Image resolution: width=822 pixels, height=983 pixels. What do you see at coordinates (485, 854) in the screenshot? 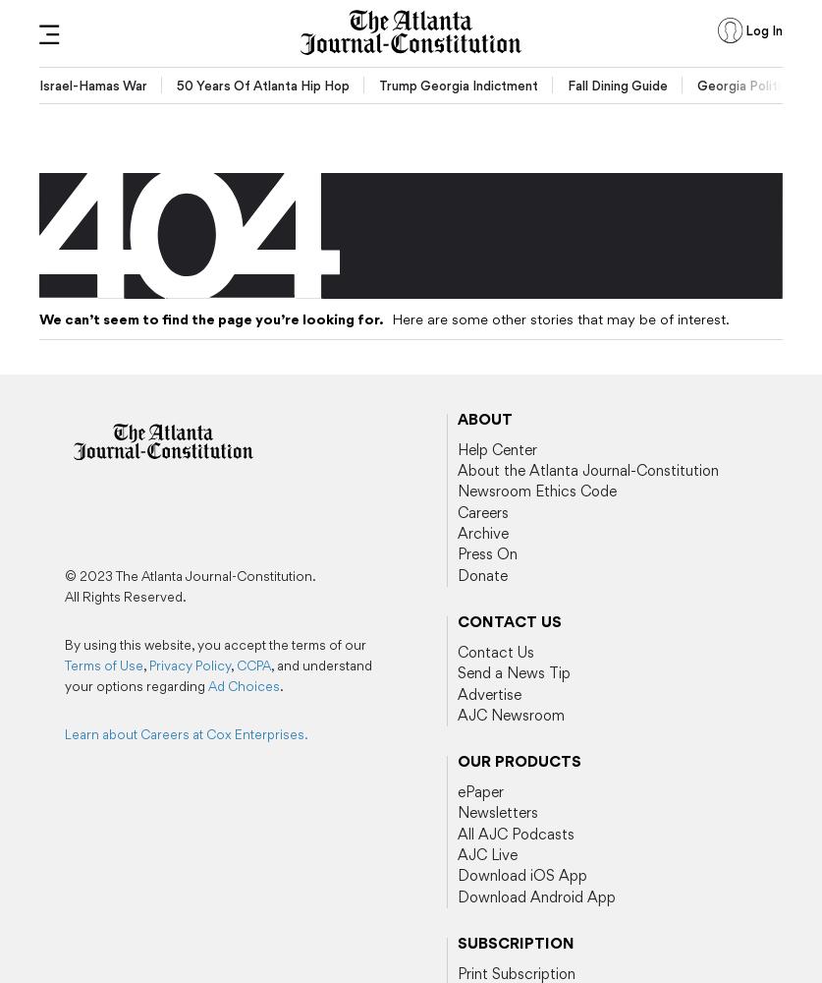
I see `'AJC Live'` at bounding box center [485, 854].